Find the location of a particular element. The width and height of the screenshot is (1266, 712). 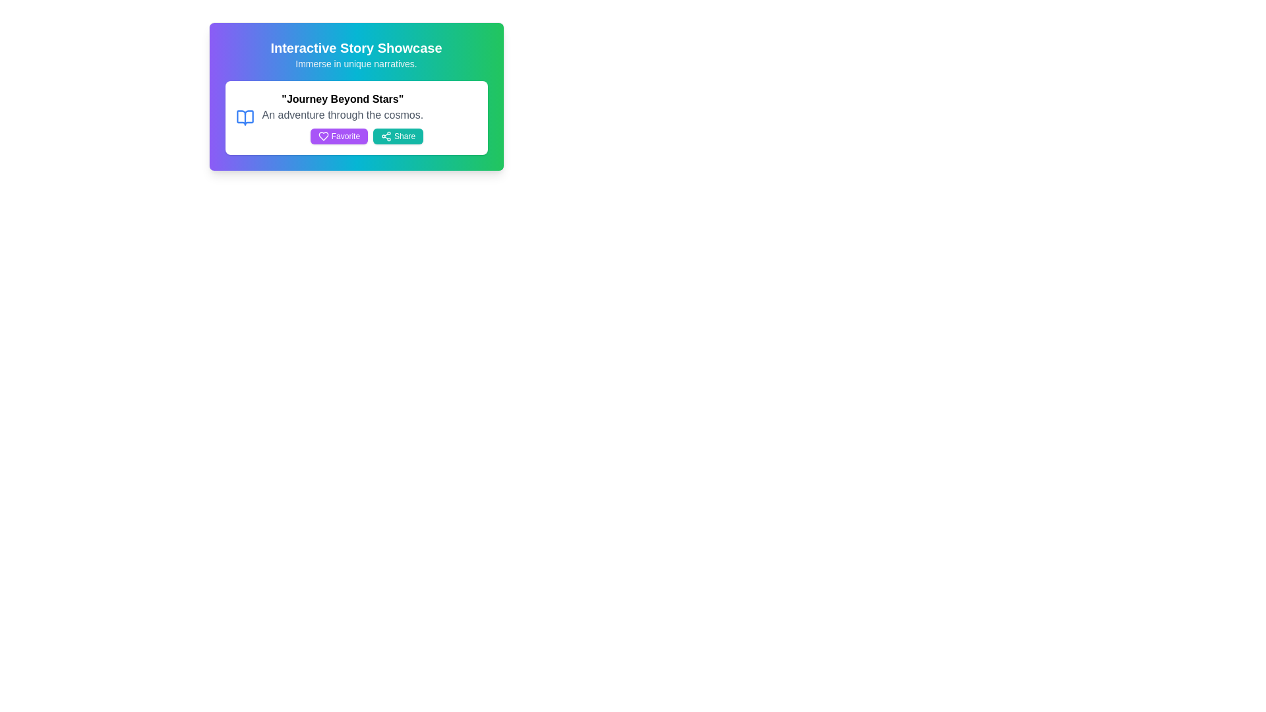

the share button located to the right of the 'Favorite' button with a purple background is located at coordinates (398, 136).